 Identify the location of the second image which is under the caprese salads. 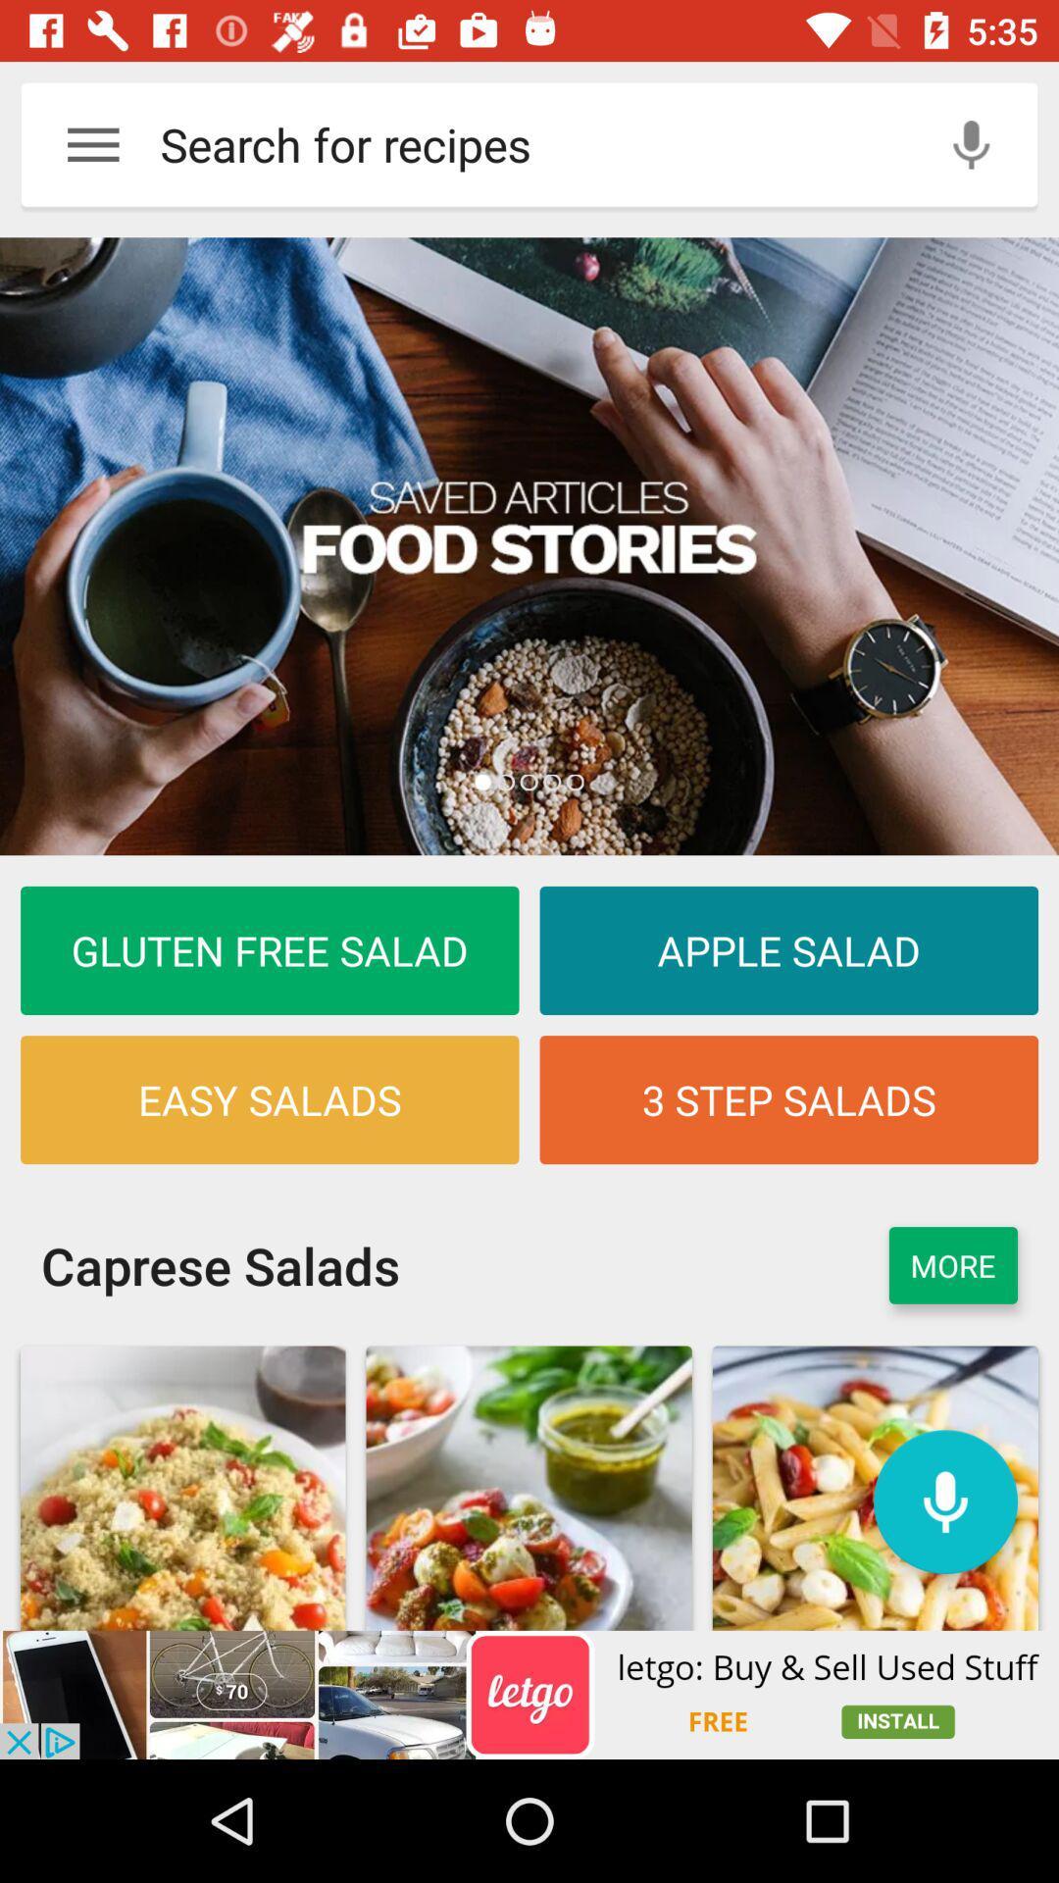
(529, 1488).